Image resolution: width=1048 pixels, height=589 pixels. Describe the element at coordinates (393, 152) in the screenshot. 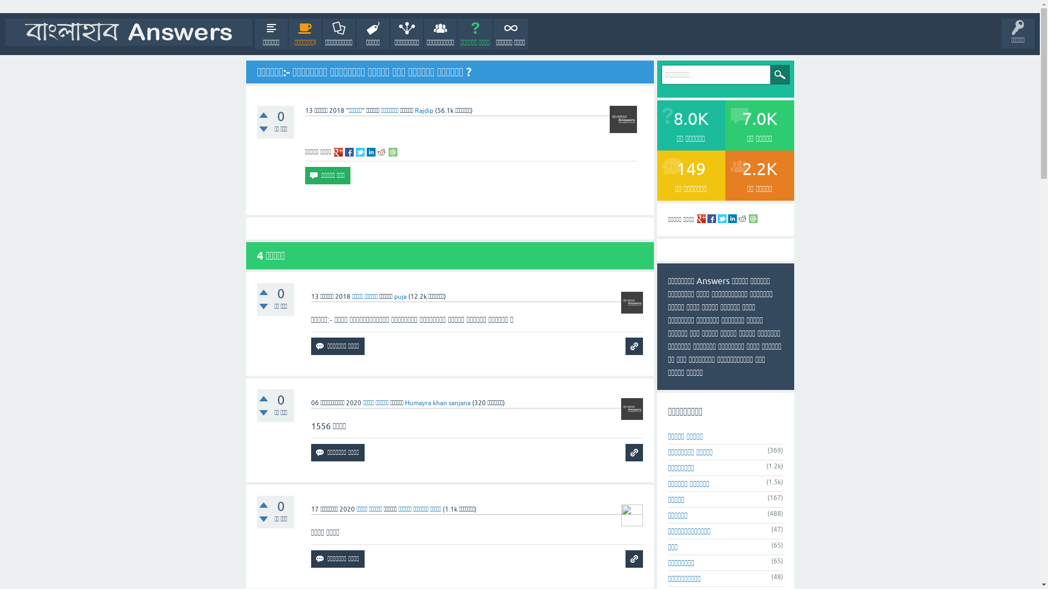

I see `'share via email'` at that location.